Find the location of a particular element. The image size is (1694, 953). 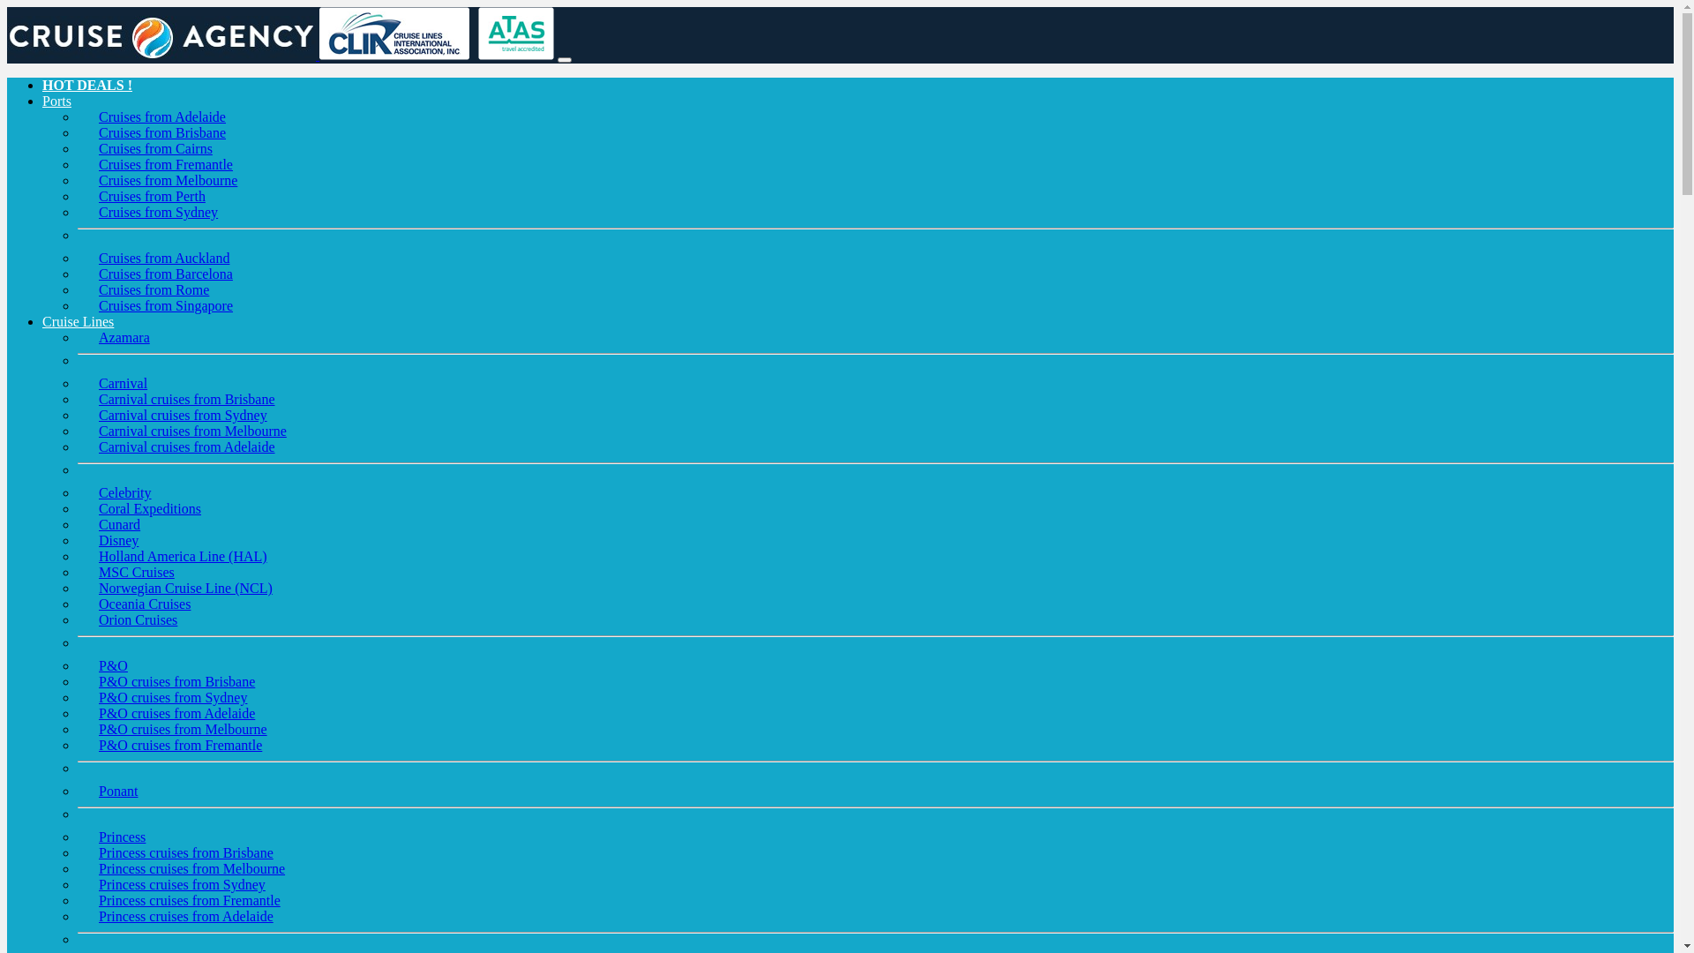

'P&O cruises from Brisbane' is located at coordinates (176, 680).